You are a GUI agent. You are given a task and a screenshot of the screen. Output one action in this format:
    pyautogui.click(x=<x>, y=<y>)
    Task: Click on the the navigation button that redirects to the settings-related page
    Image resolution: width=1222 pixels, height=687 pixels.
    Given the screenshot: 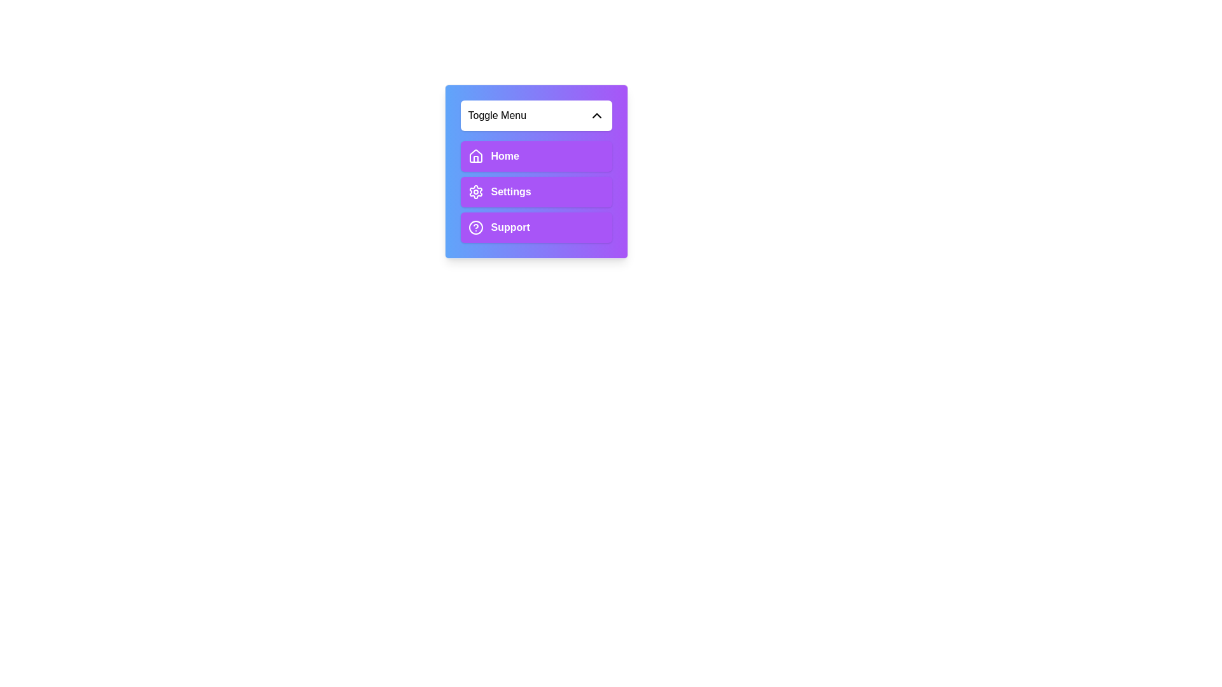 What is the action you would take?
    pyautogui.click(x=536, y=191)
    